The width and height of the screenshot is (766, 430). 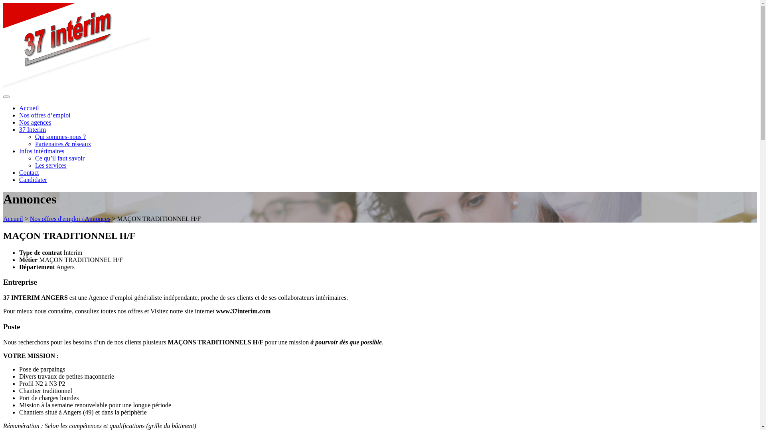 What do you see at coordinates (34, 122) in the screenshot?
I see `'Nos agences'` at bounding box center [34, 122].